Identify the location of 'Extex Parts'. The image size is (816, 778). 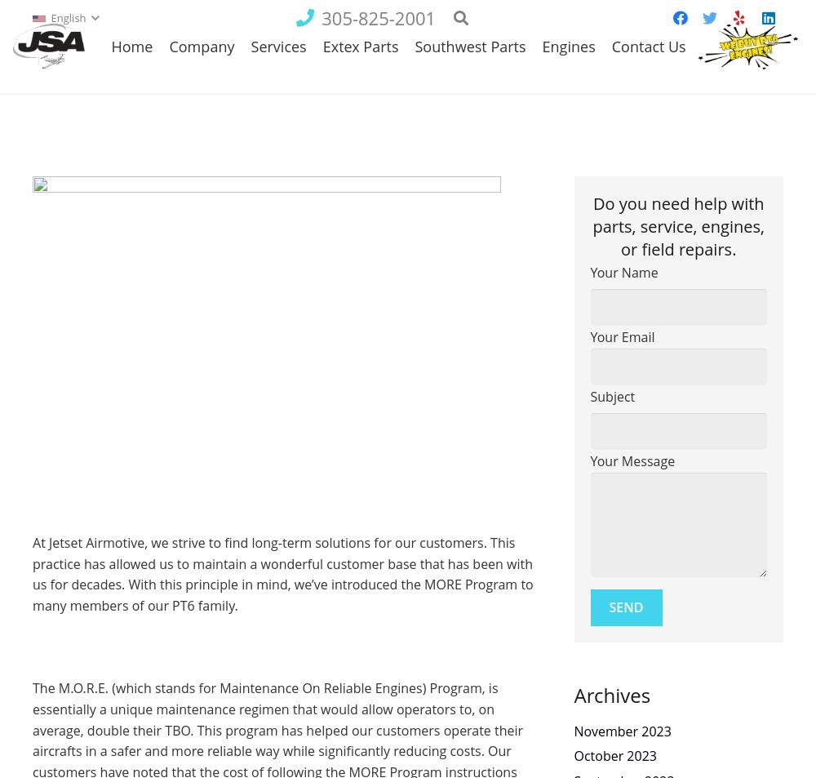
(322, 91).